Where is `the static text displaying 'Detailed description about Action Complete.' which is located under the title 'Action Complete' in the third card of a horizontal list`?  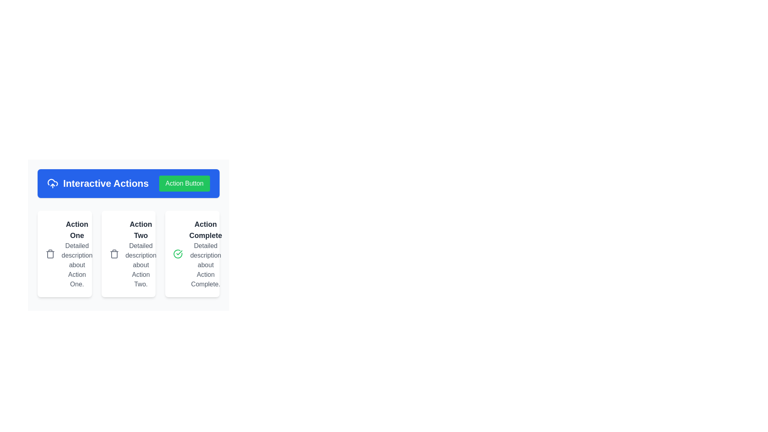 the static text displaying 'Detailed description about Action Complete.' which is located under the title 'Action Complete' in the third card of a horizontal list is located at coordinates (206, 265).